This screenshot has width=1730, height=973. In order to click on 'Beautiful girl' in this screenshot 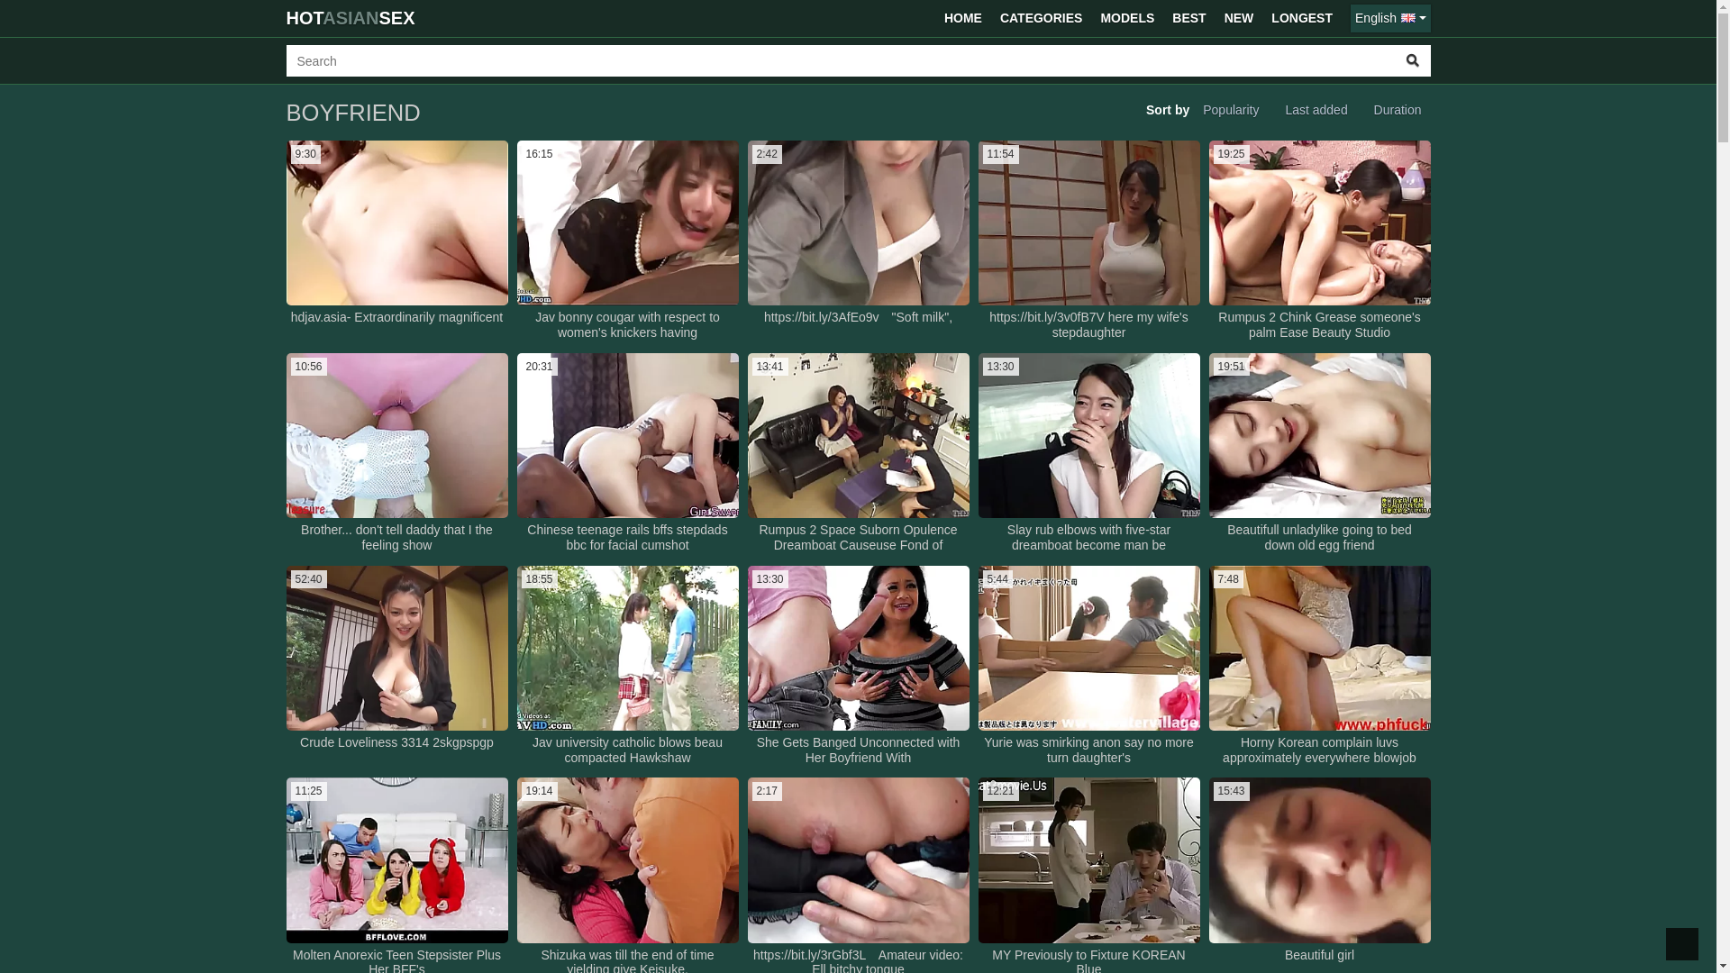, I will do `click(1319, 954)`.